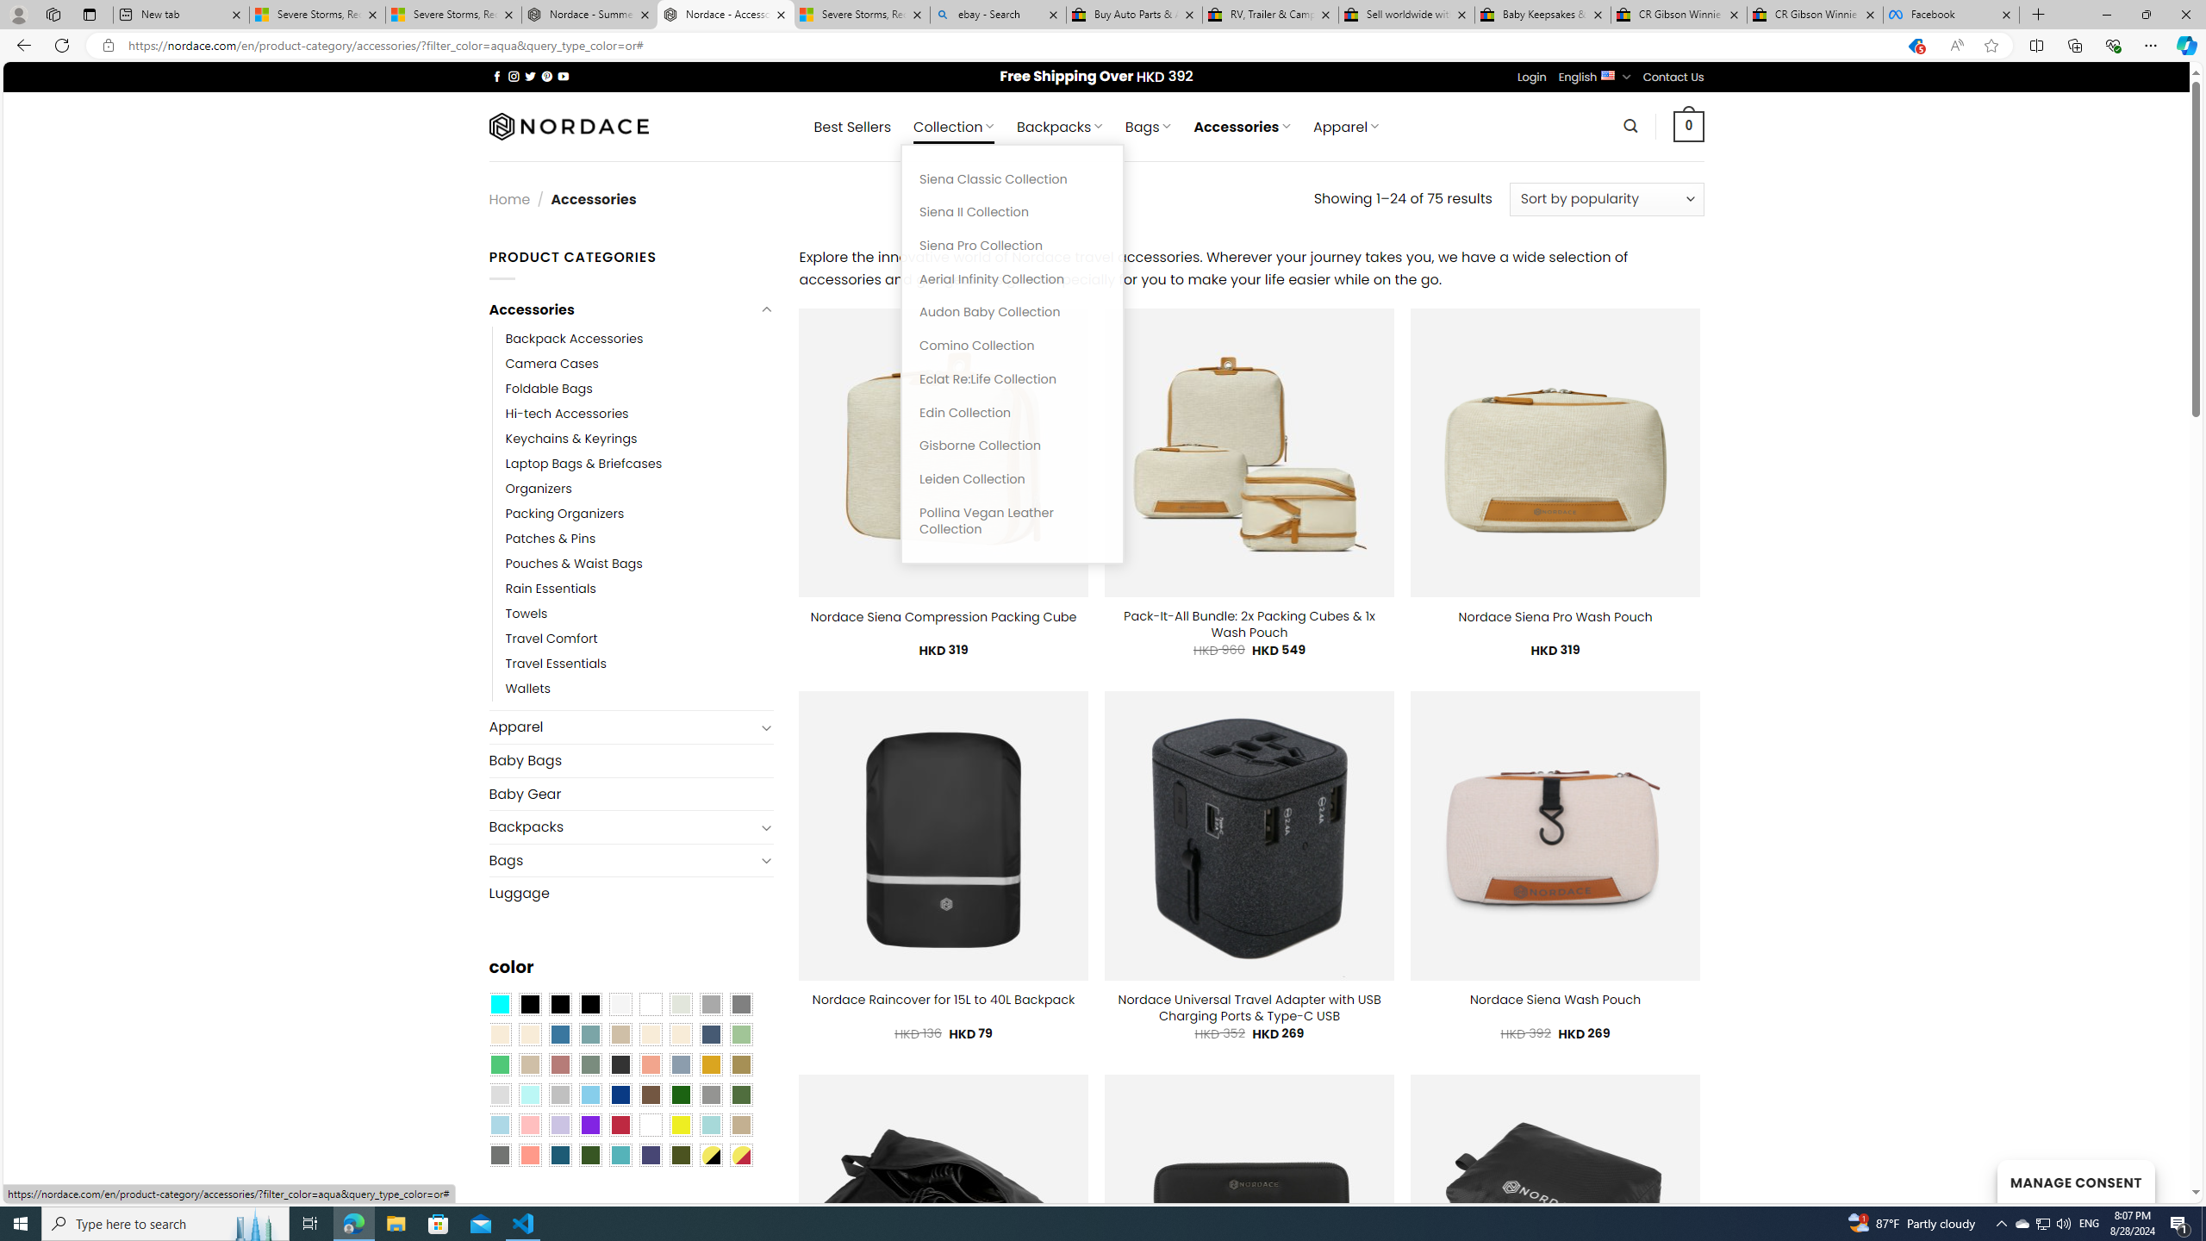 The image size is (2206, 1241). I want to click on 'Hale Navy', so click(709, 1032).